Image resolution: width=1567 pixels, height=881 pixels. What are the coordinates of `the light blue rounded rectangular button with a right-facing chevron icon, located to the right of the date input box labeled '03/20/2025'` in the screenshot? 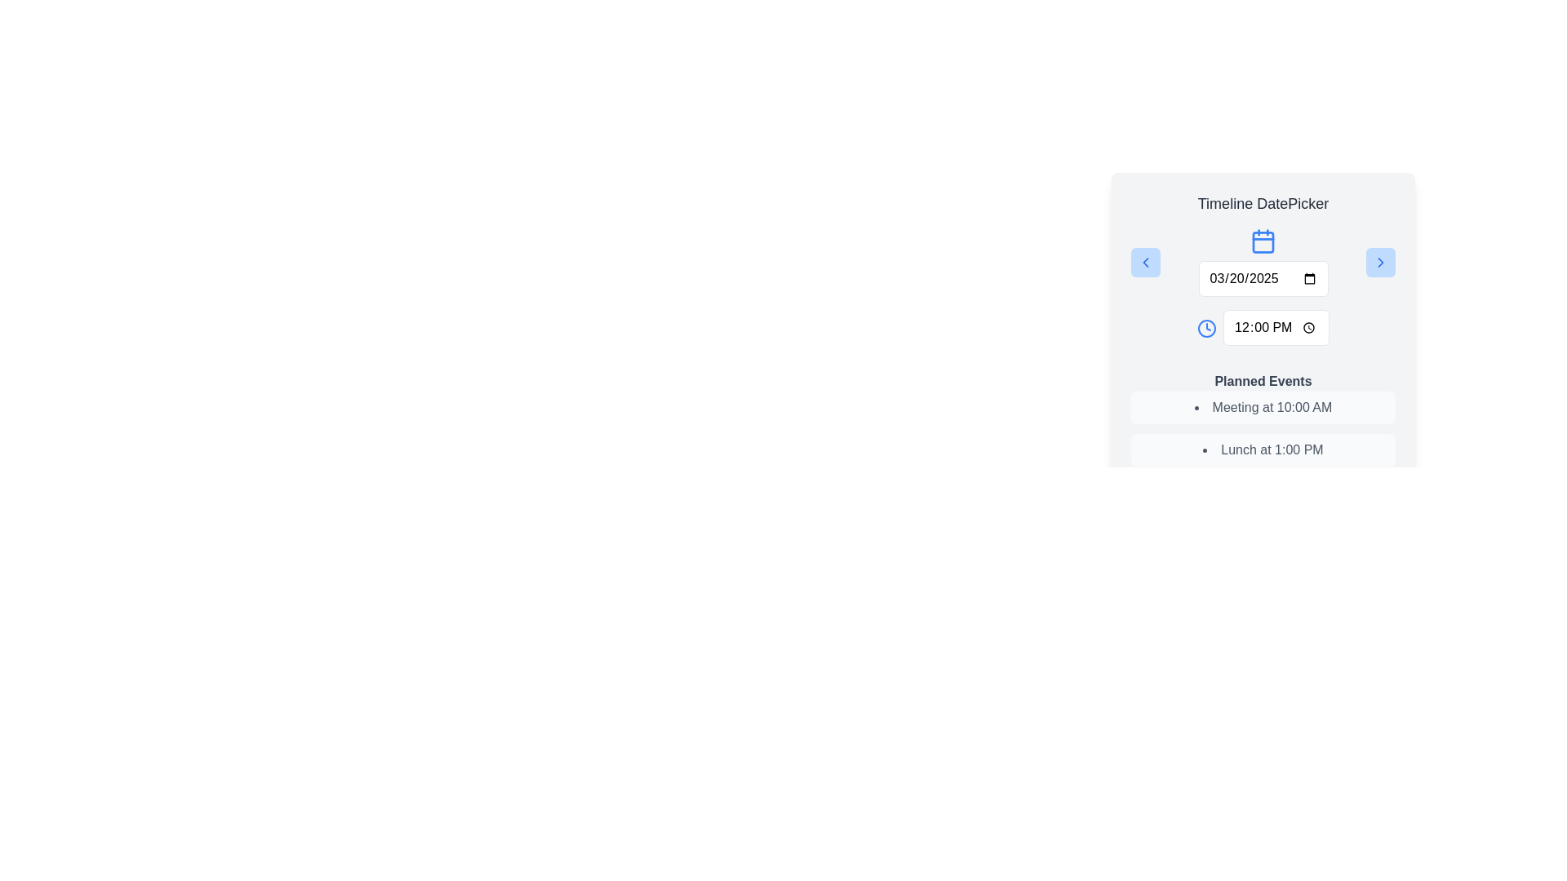 It's located at (1379, 261).